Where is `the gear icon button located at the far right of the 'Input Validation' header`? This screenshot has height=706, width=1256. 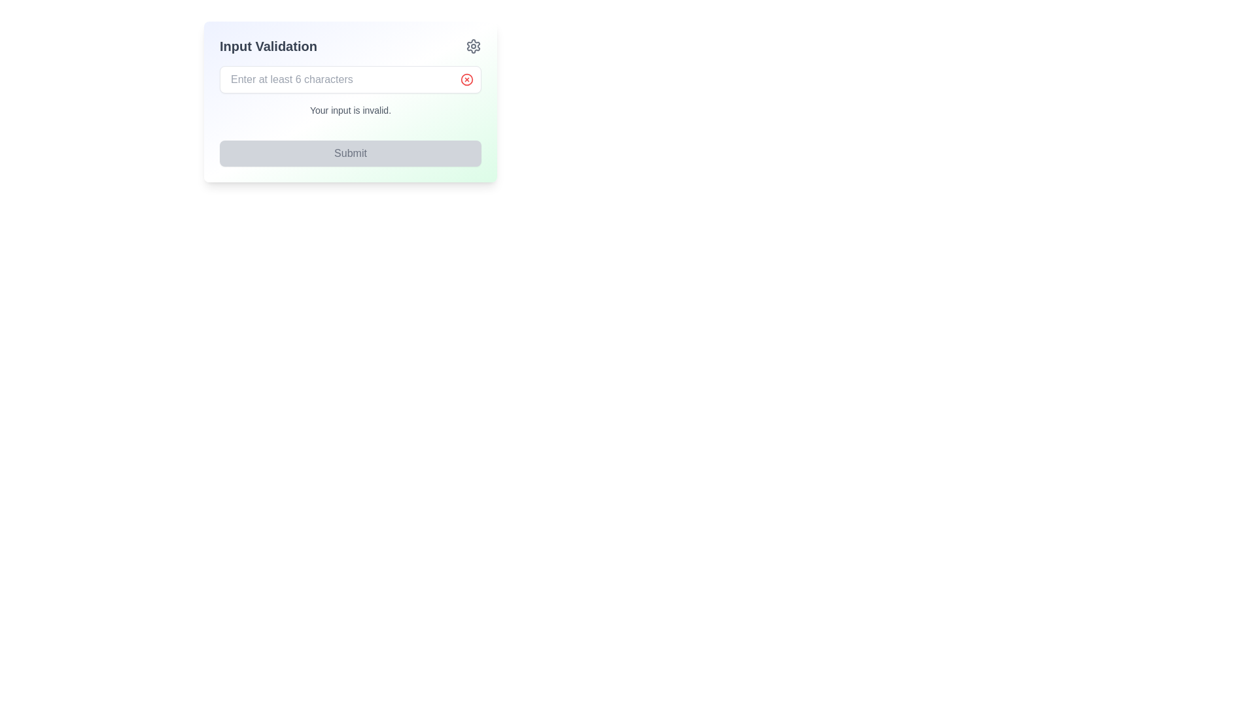 the gear icon button located at the far right of the 'Input Validation' header is located at coordinates (473, 45).